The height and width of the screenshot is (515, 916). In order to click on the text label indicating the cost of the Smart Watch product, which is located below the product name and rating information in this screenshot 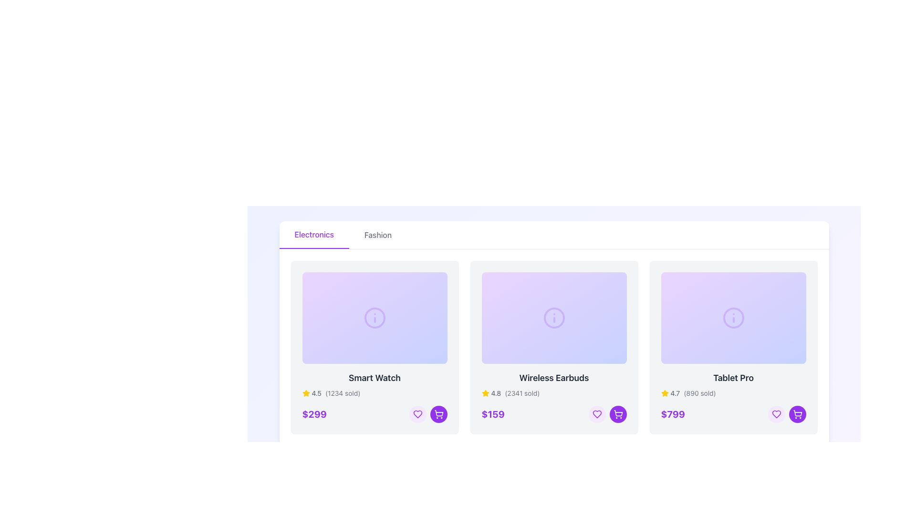, I will do `click(314, 413)`.